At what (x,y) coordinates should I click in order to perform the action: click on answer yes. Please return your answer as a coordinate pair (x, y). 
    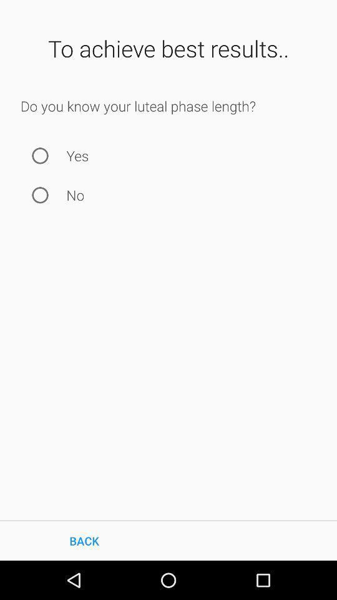
    Looking at the image, I should click on (40, 155).